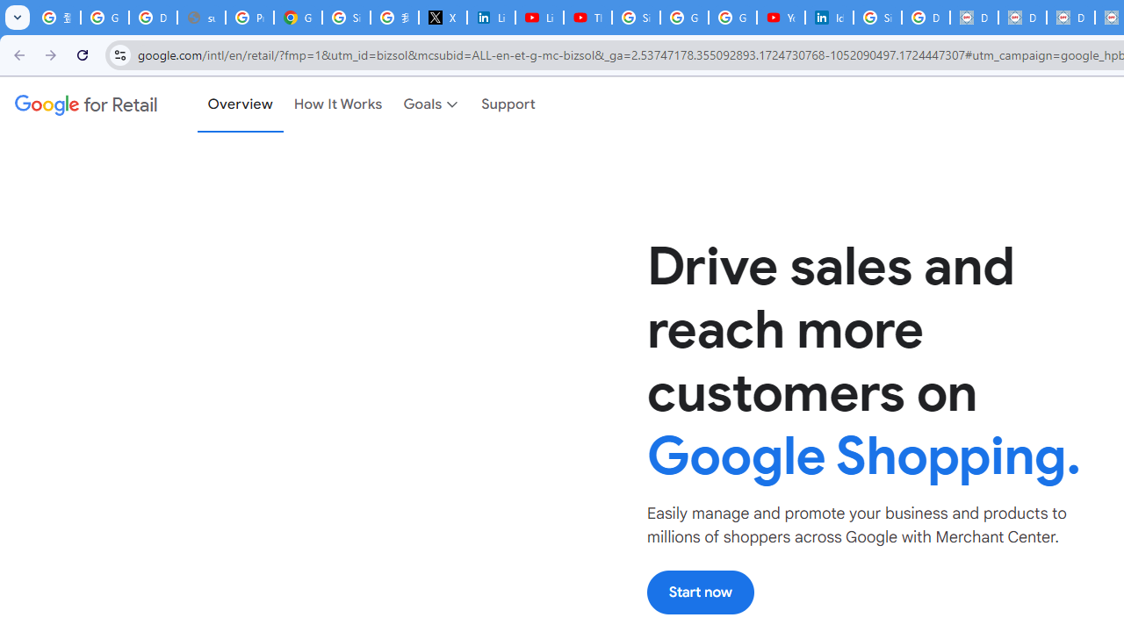  Describe the element at coordinates (699, 592) in the screenshot. I see `'Start now'` at that location.